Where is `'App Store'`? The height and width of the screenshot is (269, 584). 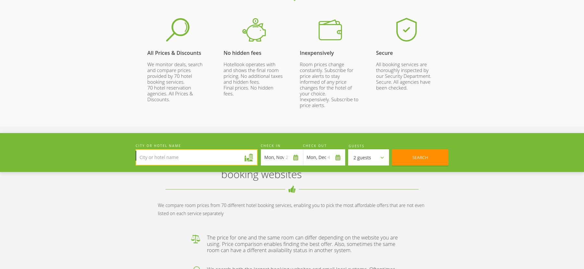
'App Store' is located at coordinates (285, 104).